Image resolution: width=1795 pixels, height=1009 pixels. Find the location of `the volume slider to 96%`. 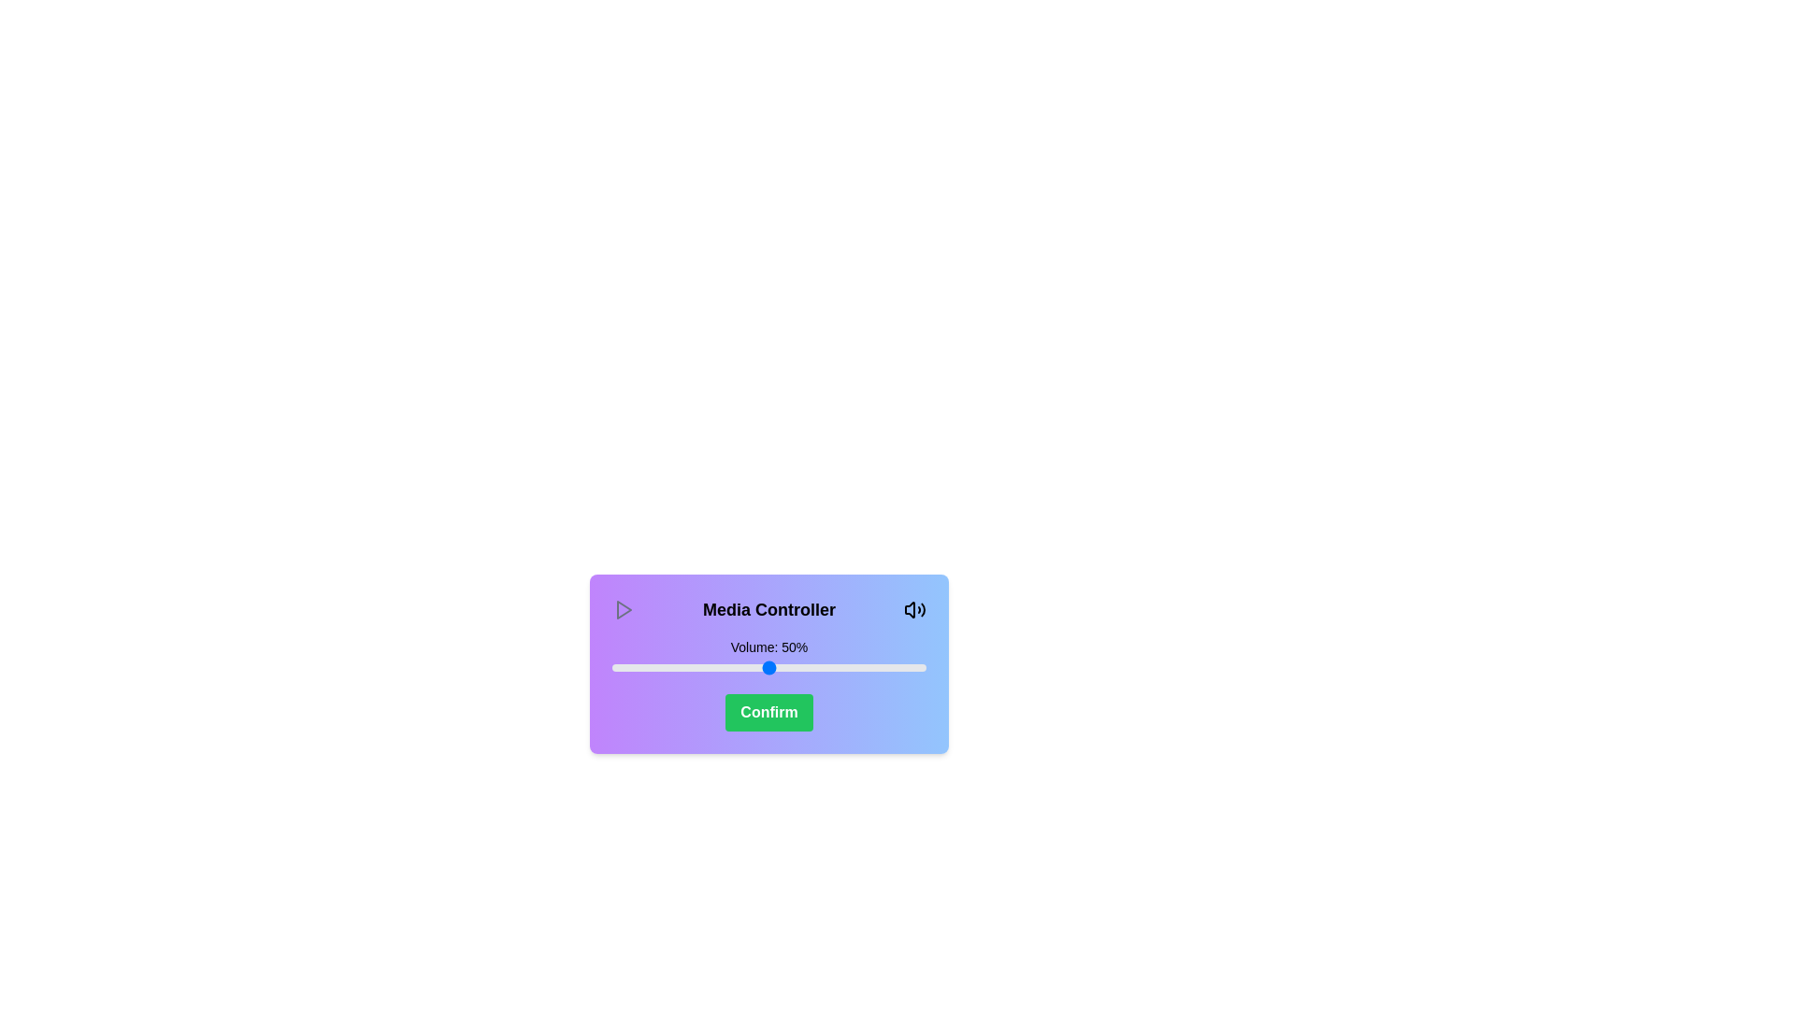

the volume slider to 96% is located at coordinates (913, 666).